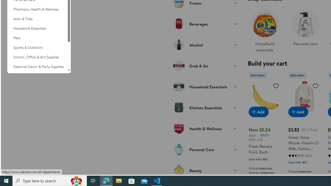  Describe the element at coordinates (37, 38) in the screenshot. I see `'Pets'` at that location.